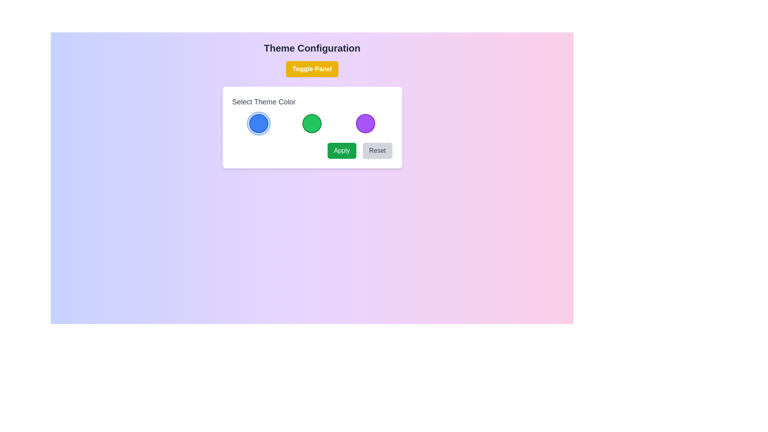  What do you see at coordinates (312, 69) in the screenshot?
I see `the 'Toggle Panel' button, which is a rectangular button with a yellow background and bold white text, positioned centrally above the 'Theme Configuration' section` at bounding box center [312, 69].